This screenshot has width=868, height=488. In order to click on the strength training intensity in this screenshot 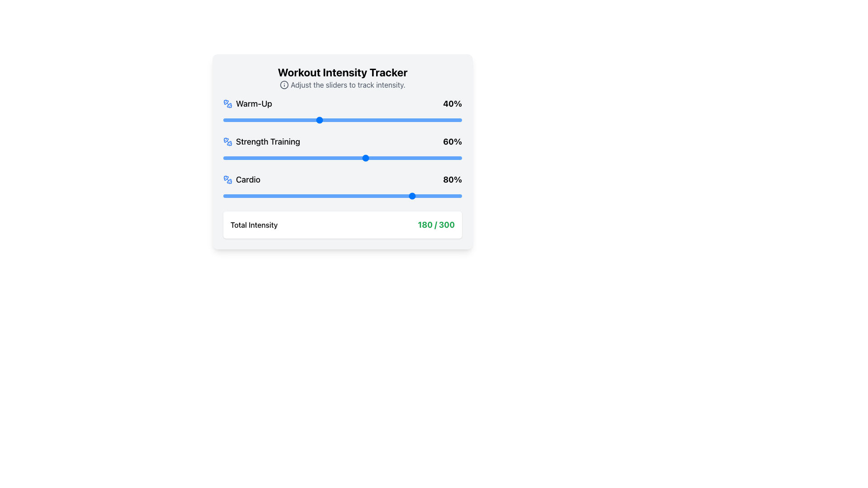, I will do `click(356, 158)`.